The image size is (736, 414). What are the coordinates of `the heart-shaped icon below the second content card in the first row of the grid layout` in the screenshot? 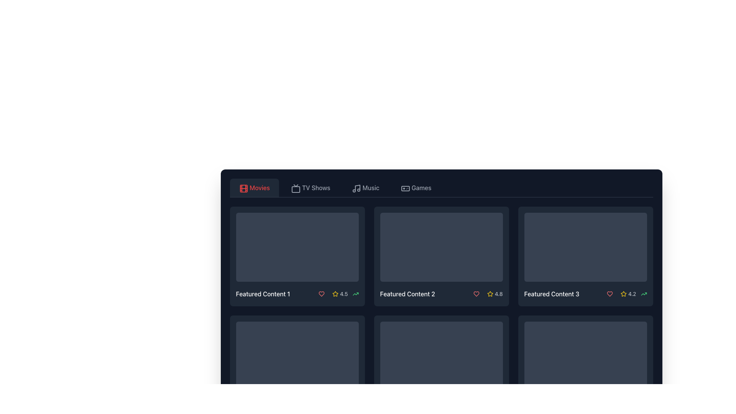 It's located at (476, 294).